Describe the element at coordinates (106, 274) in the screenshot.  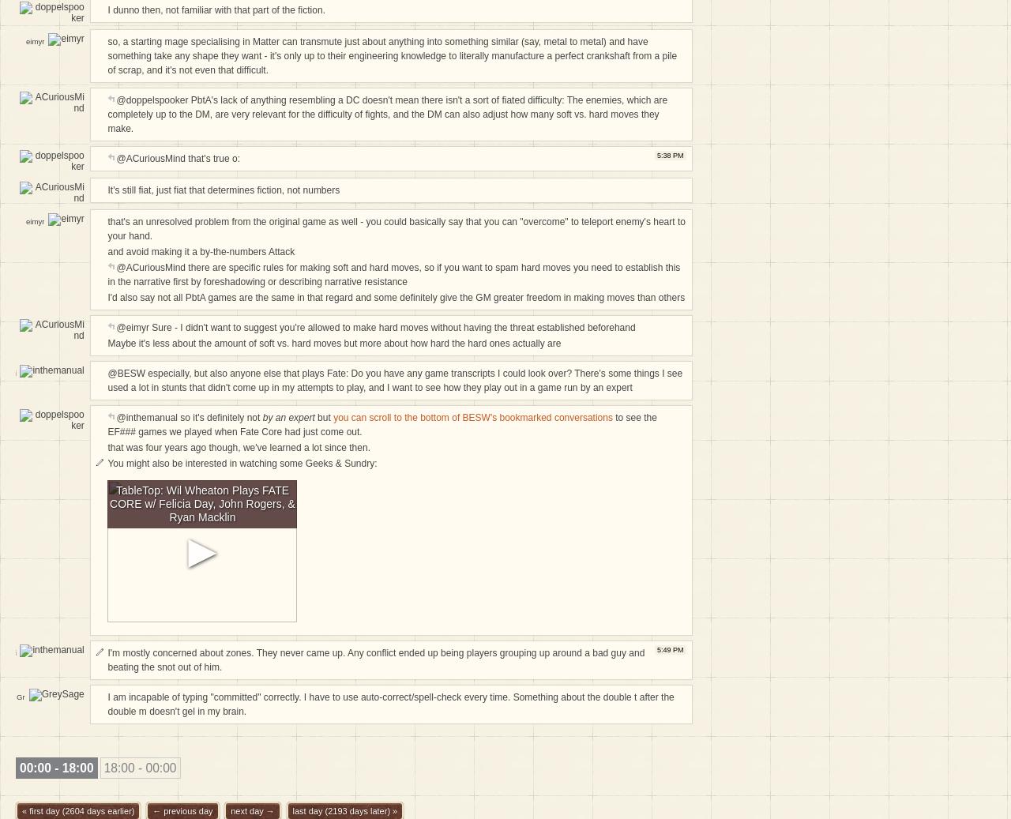
I see `'@ACuriousMind there are specific rules for making soft and hard moves, so if you want to spam hard moves you need to establish this in the narrative first by foreshadowing or describing narrative resistance'` at that location.